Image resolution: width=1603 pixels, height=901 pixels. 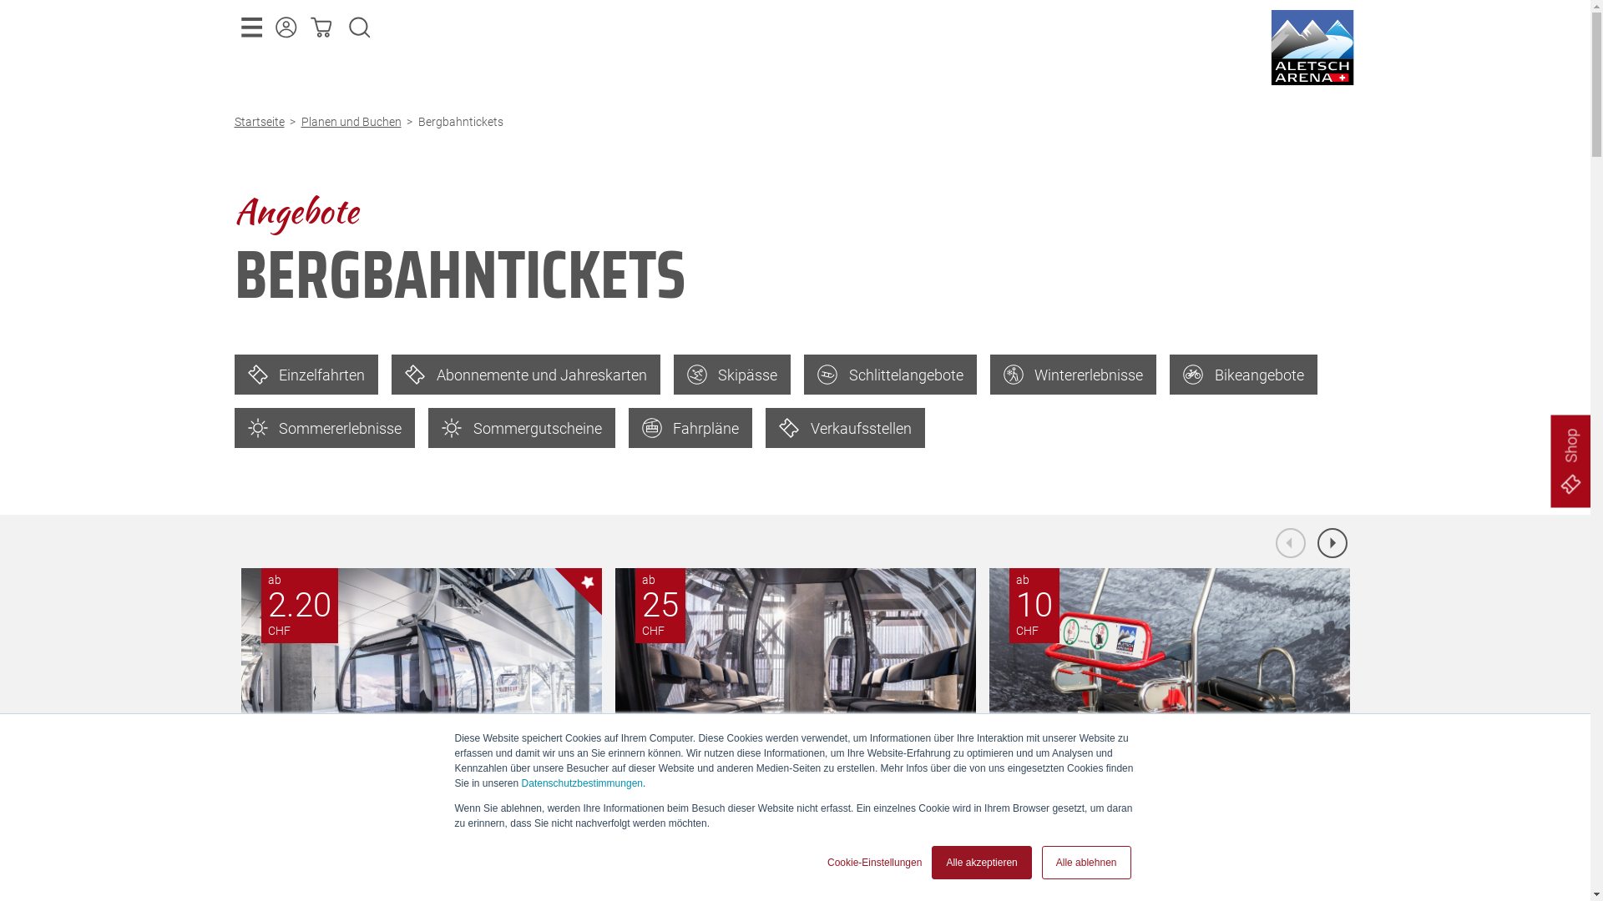 I want to click on 'Planen und Buchen', so click(x=352, y=121).